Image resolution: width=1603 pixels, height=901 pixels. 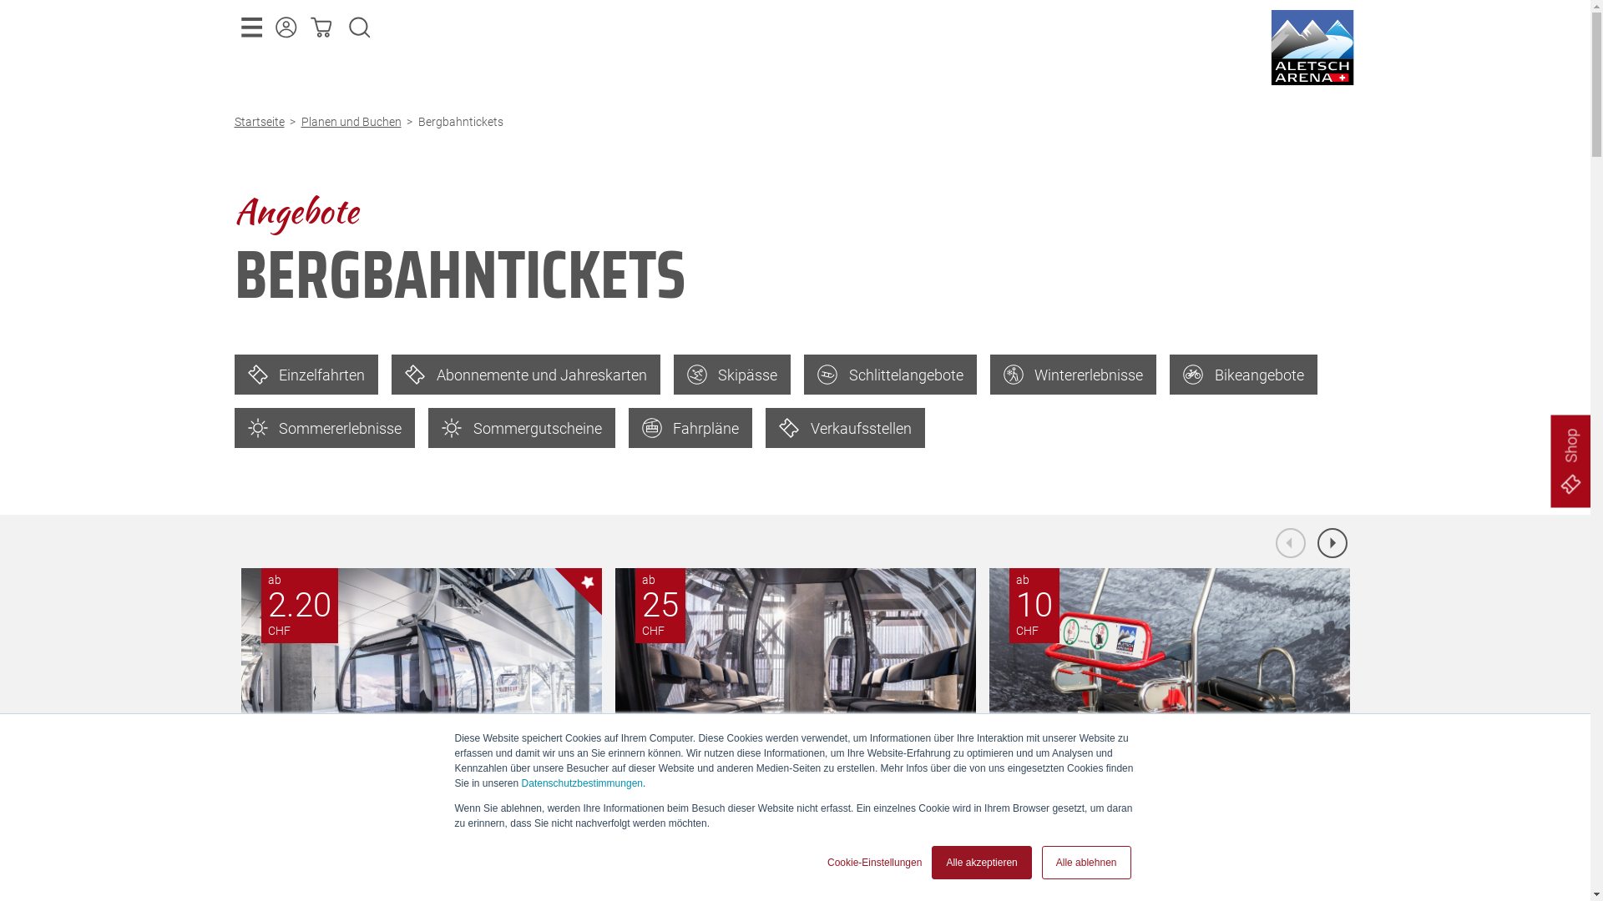 I want to click on 'Planen und Buchen', so click(x=352, y=121).